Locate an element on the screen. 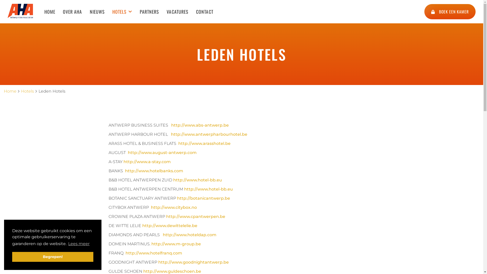 This screenshot has height=274, width=487. 'BOEK EEN KAMER' is located at coordinates (450, 11).